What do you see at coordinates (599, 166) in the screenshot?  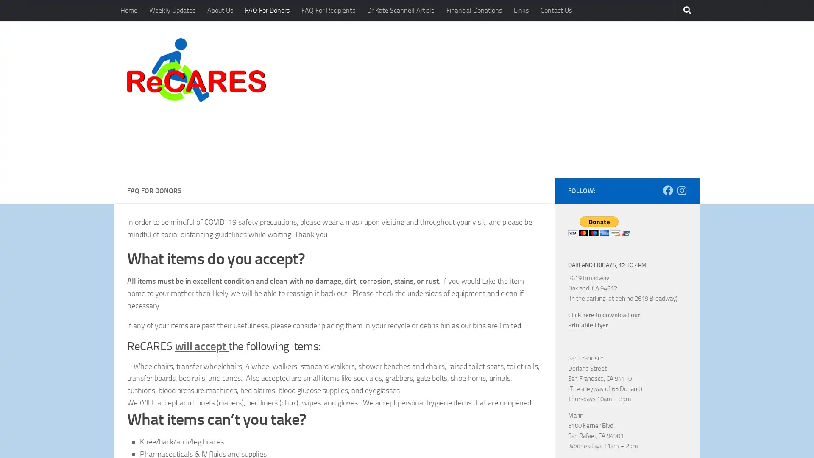 I see `Donate with PayPal button` at bounding box center [599, 166].